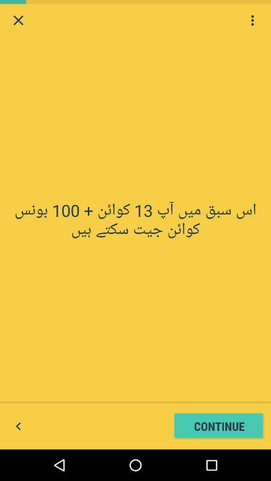 Image resolution: width=271 pixels, height=481 pixels. Describe the element at coordinates (252, 20) in the screenshot. I see `open menu` at that location.